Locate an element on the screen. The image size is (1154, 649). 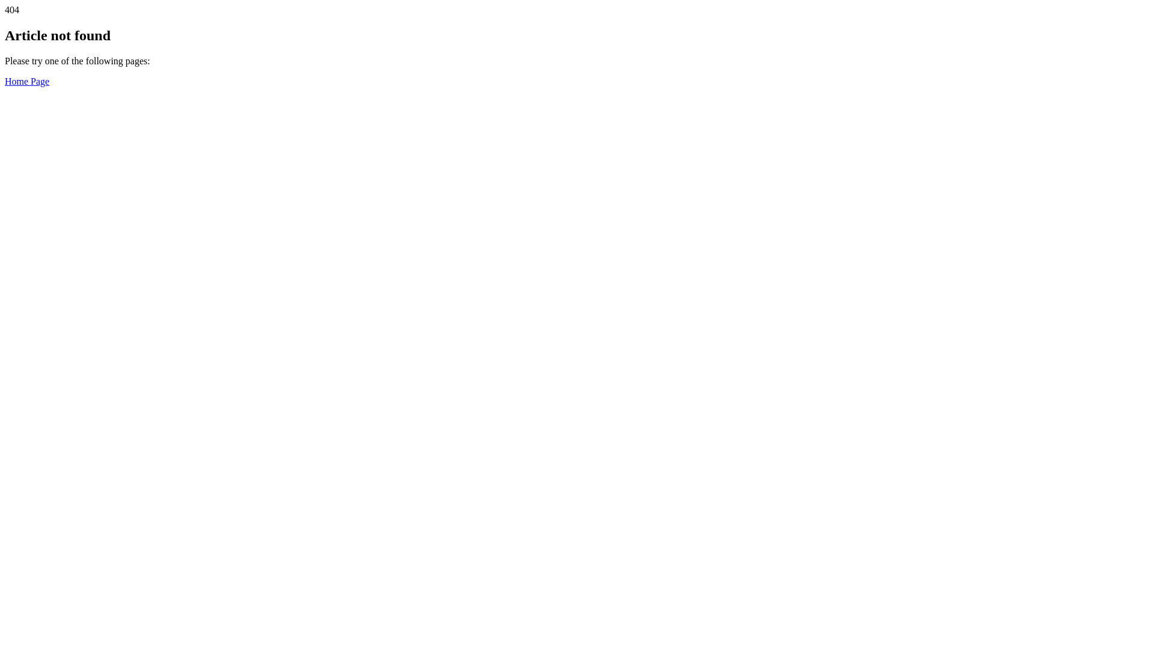
'Home Page' is located at coordinates (5, 81).